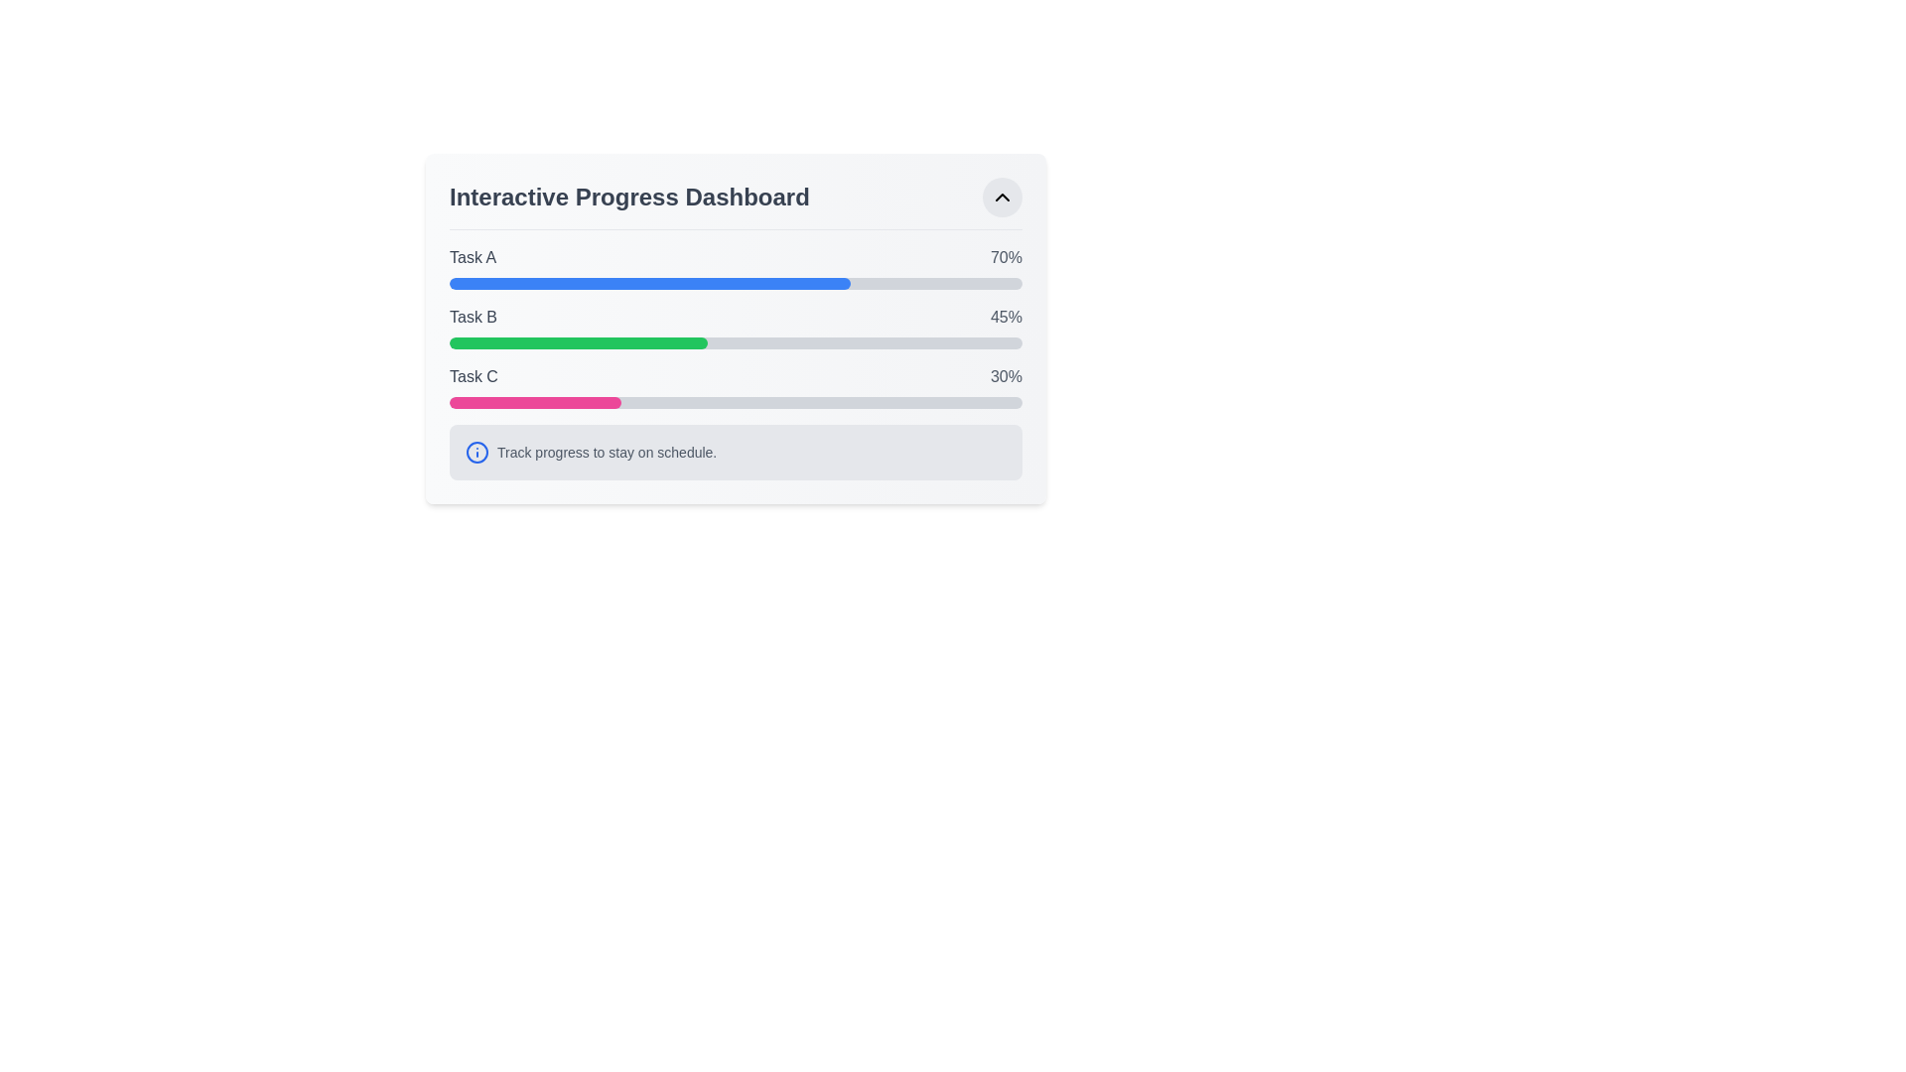 Image resolution: width=1906 pixels, height=1072 pixels. I want to click on informational message located at the bottom of the vertical stack of content under the progress bars for Task A, Task B, and Task C, so click(735, 452).